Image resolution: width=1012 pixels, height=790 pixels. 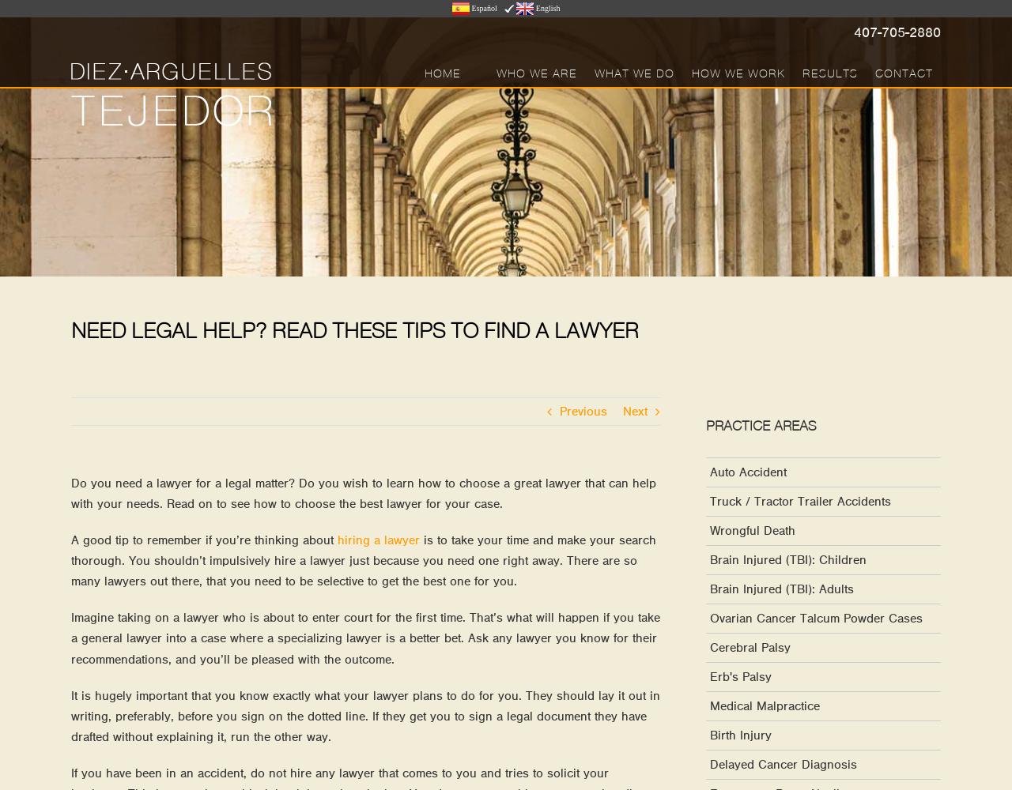 What do you see at coordinates (659, 151) in the screenshot?
I see `'Articles'` at bounding box center [659, 151].